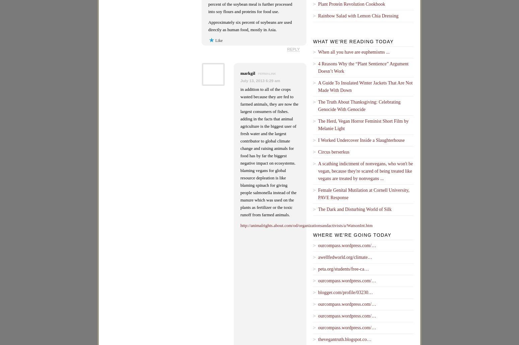 This screenshot has height=345, width=519. What do you see at coordinates (269, 152) in the screenshot?
I see `'in addition to all of the crops wasted because they are fed to farmed animals, they are now the largest consumers of fishes. adding in the facts that animal agriculture is the biggest user of fresh water and the largest contributor to global climate change and raising animals for food has by far the biggest negative impact on ecosystems.  blaming vegans for global resource depleation is like blaming spinach for giving people salmonella instead of the manure which was used on the plants as fertilizer or the toxic runoff from farmed animals.'` at bounding box center [269, 152].